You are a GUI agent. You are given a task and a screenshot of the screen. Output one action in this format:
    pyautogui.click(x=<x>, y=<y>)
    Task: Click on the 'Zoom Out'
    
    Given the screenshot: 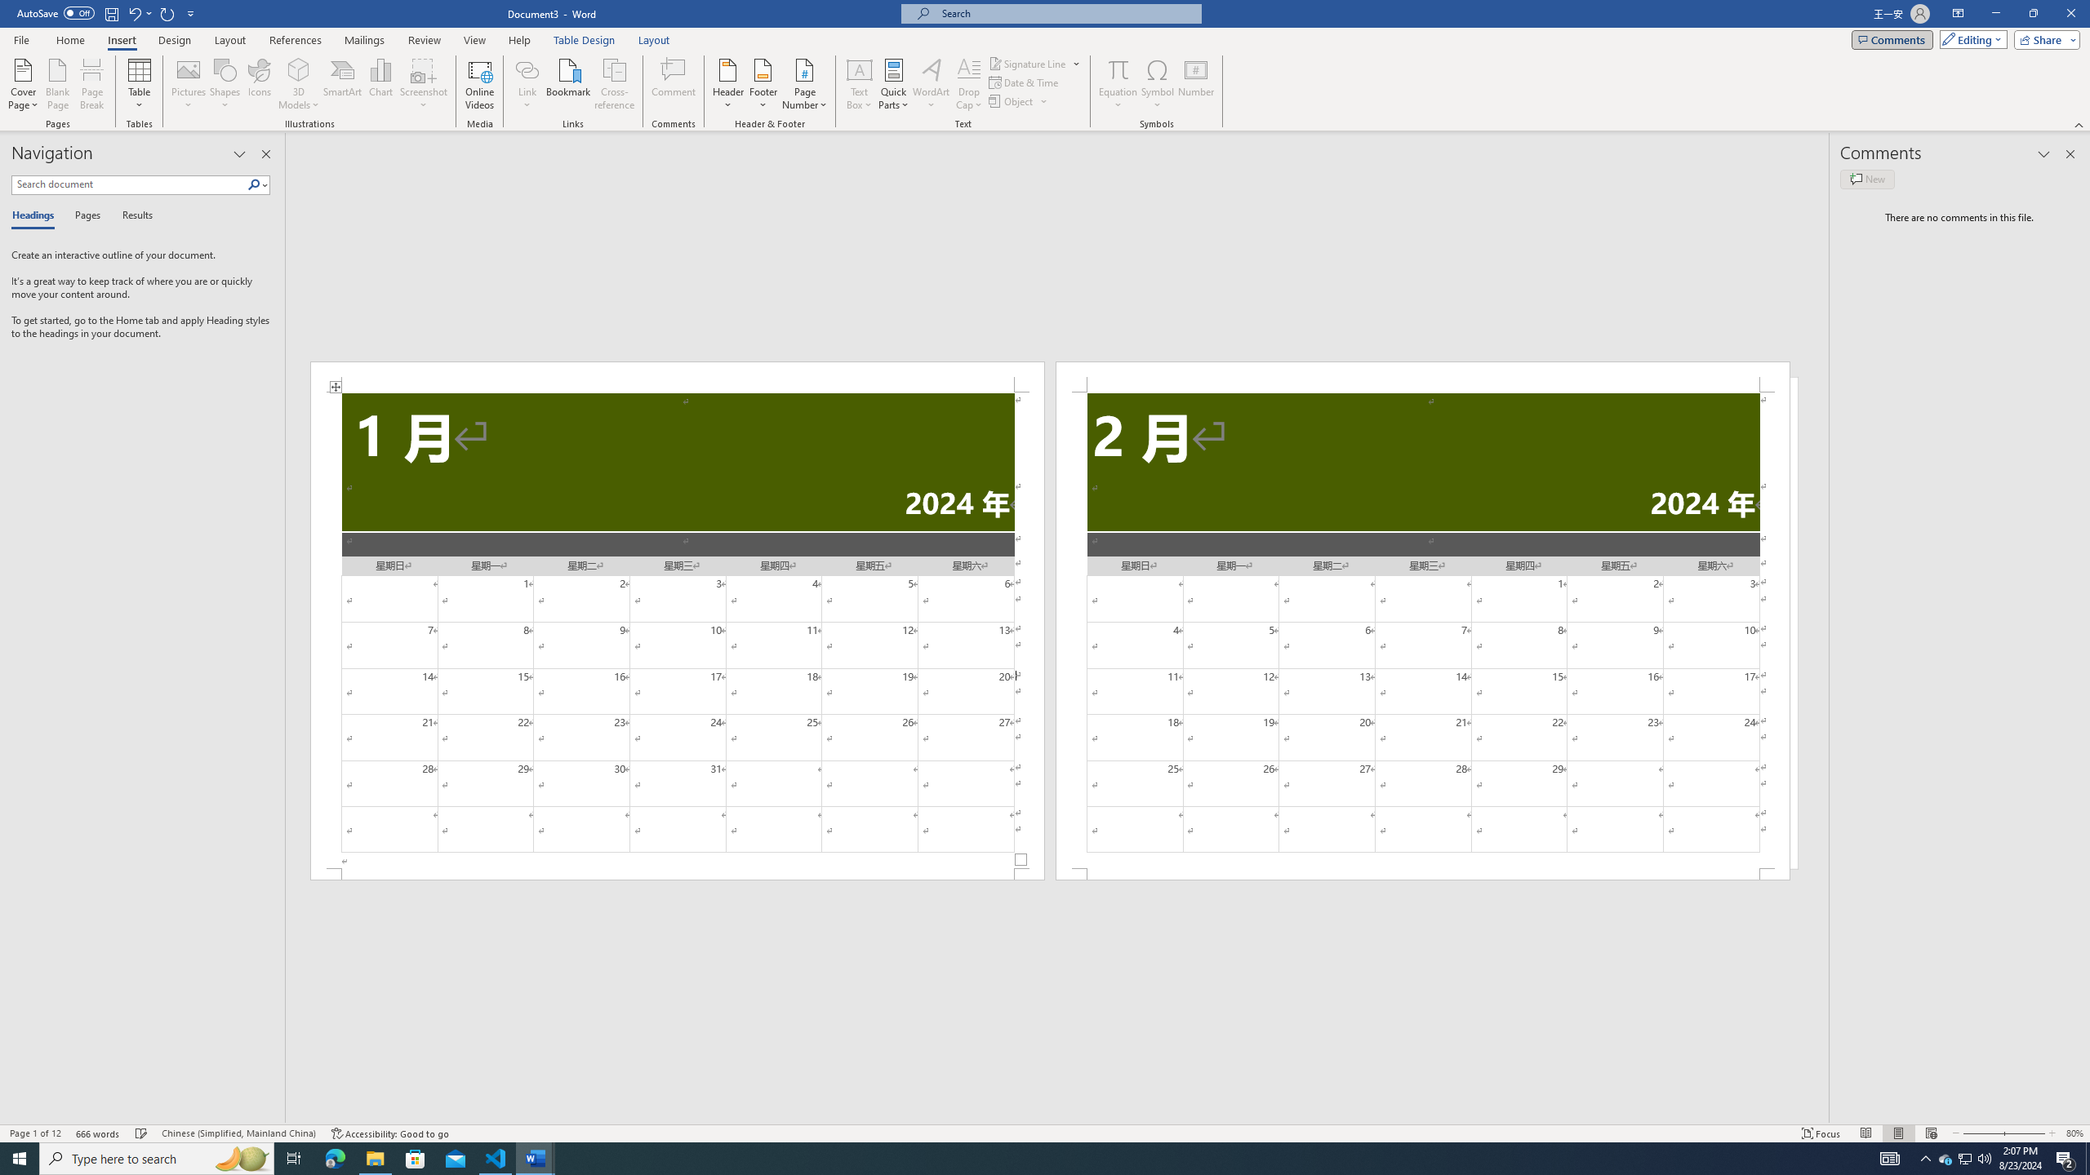 What is the action you would take?
    pyautogui.click(x=1977, y=1133)
    